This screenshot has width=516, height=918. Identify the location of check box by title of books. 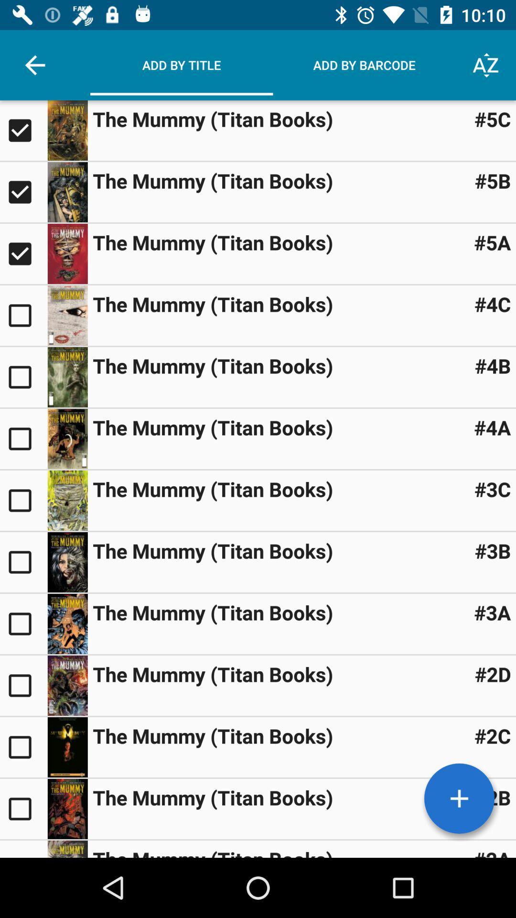
(23, 808).